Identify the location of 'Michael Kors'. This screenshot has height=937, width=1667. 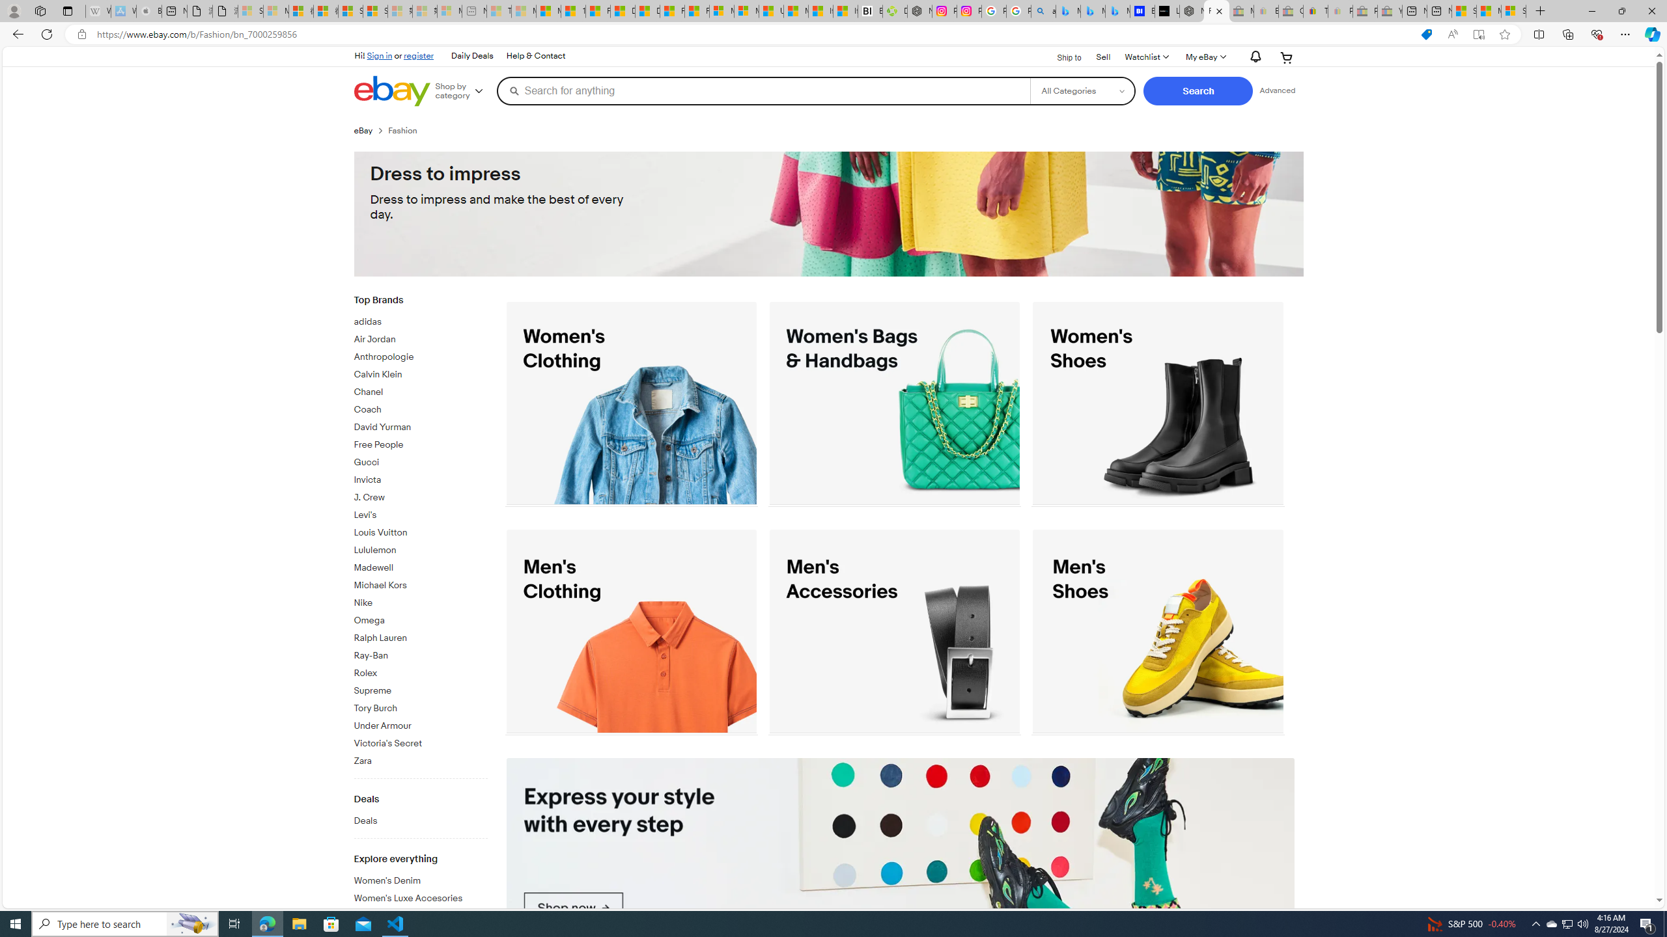
(420, 583).